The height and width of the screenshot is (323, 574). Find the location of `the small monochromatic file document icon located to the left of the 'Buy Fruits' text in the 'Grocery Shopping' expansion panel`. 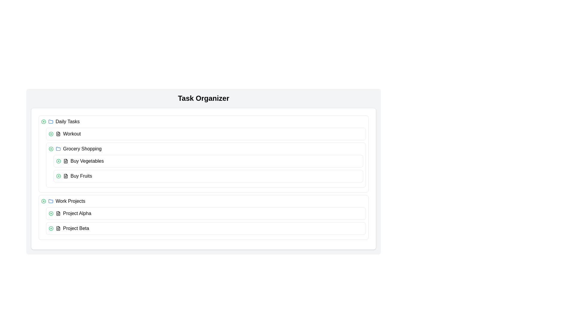

the small monochromatic file document icon located to the left of the 'Buy Fruits' text in the 'Grocery Shopping' expansion panel is located at coordinates (66, 176).